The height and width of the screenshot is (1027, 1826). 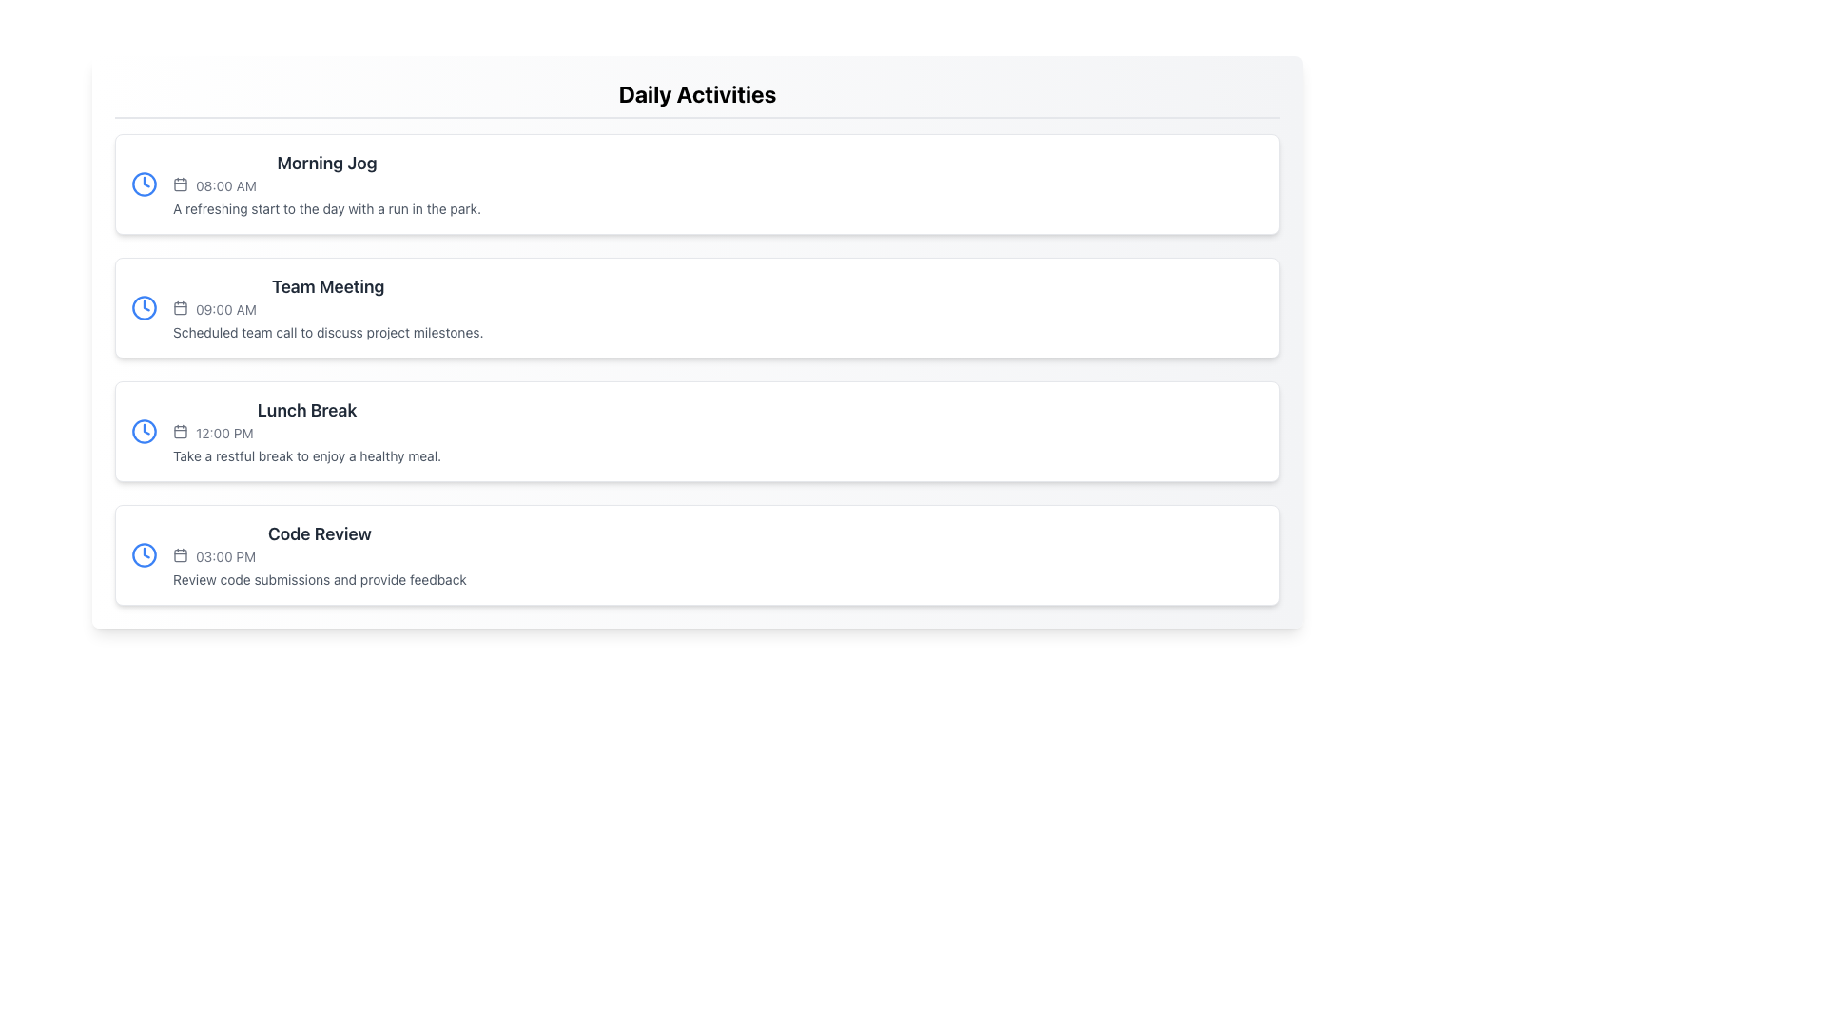 What do you see at coordinates (144, 432) in the screenshot?
I see `the circular graphical component styled as a clock face located in the 'Lunch Break' section, positioned to the left of the text 'Lunch Break'` at bounding box center [144, 432].